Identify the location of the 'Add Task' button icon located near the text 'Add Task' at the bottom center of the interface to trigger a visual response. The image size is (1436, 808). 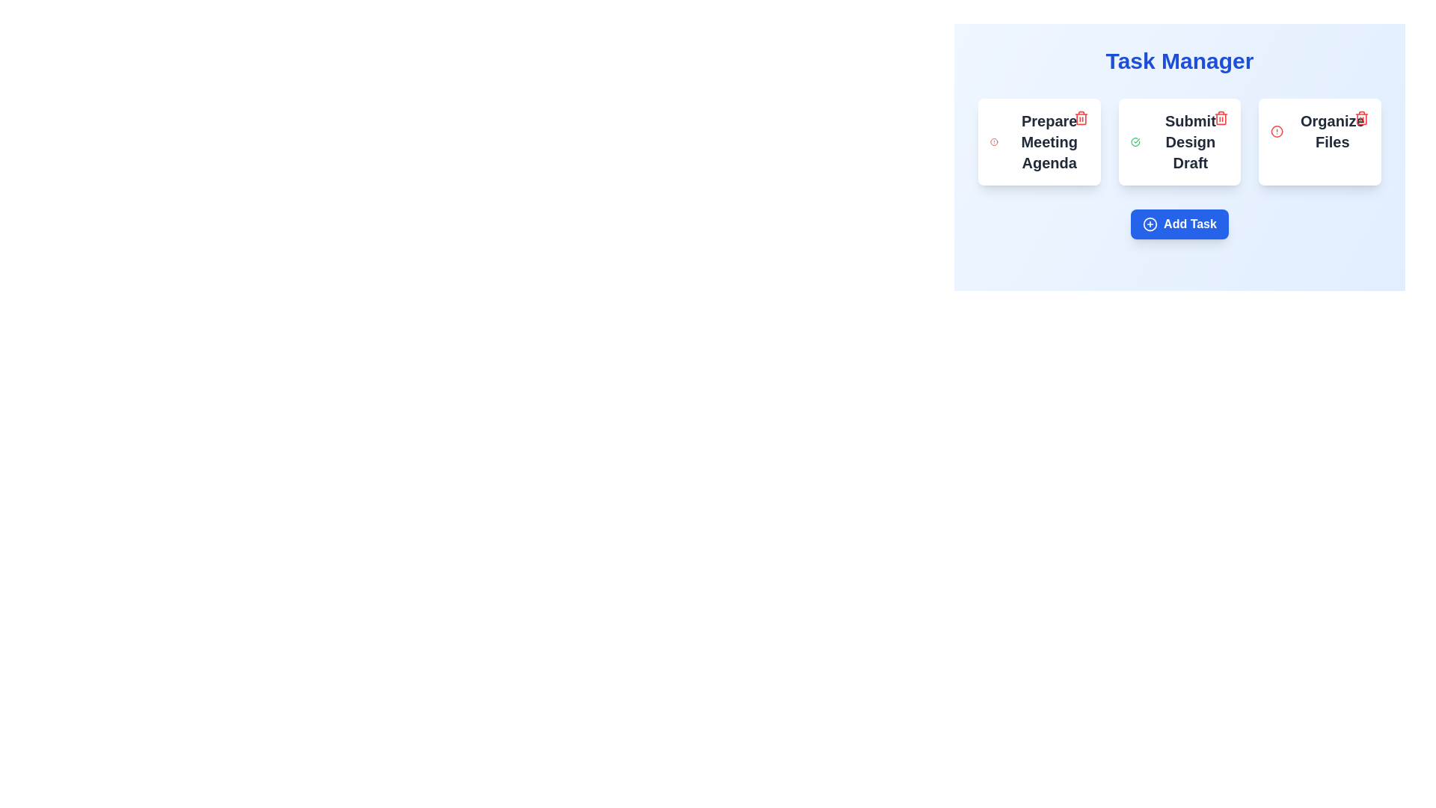
(1150, 224).